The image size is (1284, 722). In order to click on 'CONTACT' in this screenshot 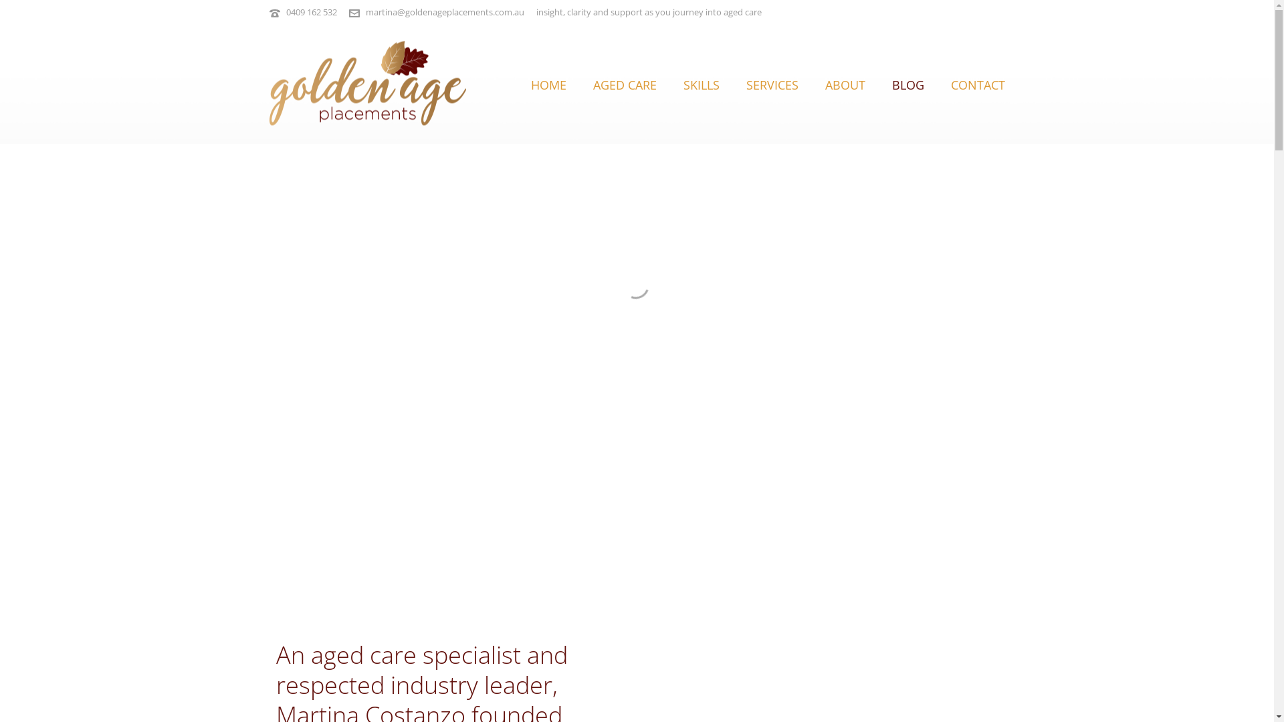, I will do `click(978, 83)`.